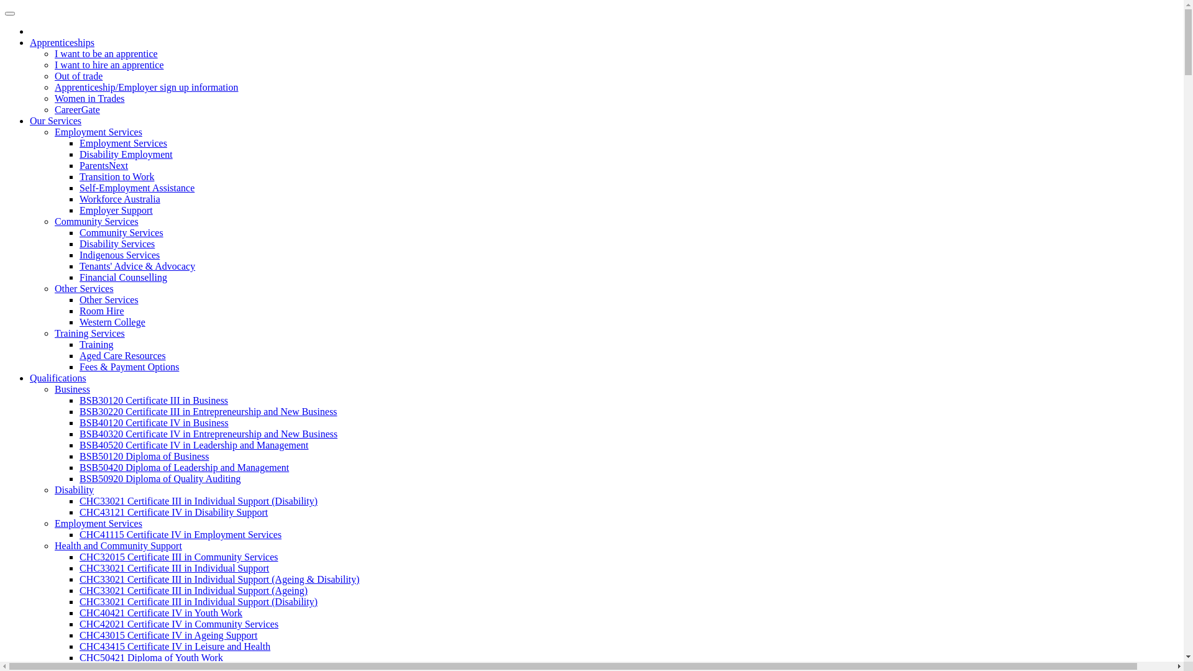  I want to click on 'Financial Counselling', so click(79, 276).